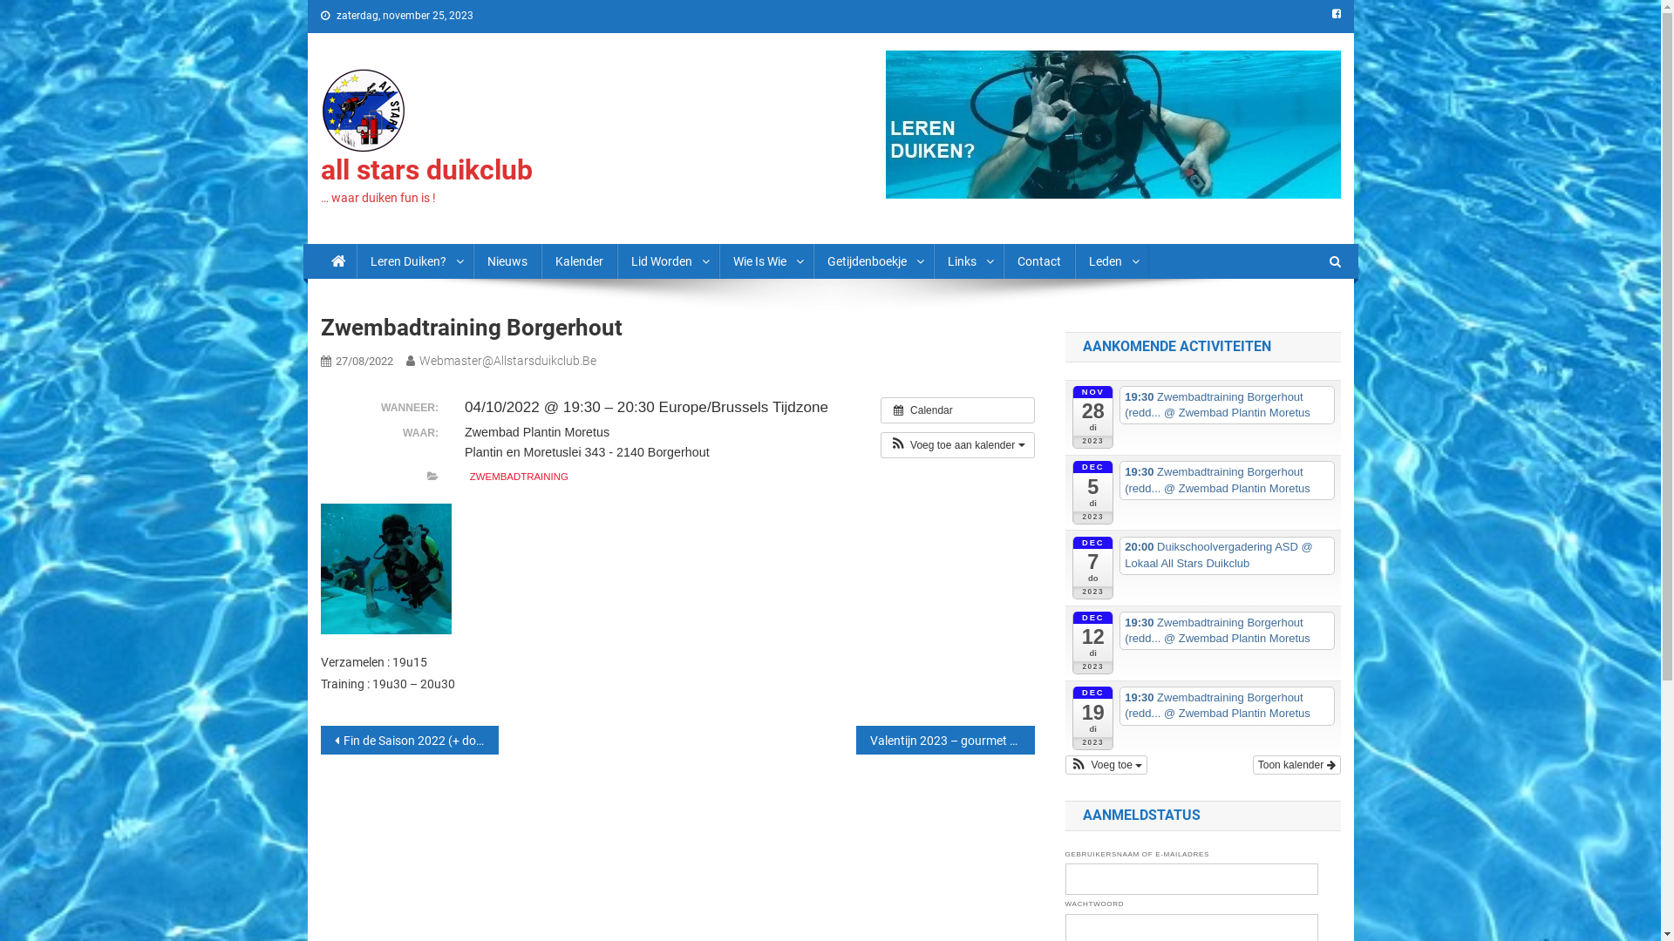 The height and width of the screenshot is (941, 1674). What do you see at coordinates (766, 261) in the screenshot?
I see `'Wie Is Wie'` at bounding box center [766, 261].